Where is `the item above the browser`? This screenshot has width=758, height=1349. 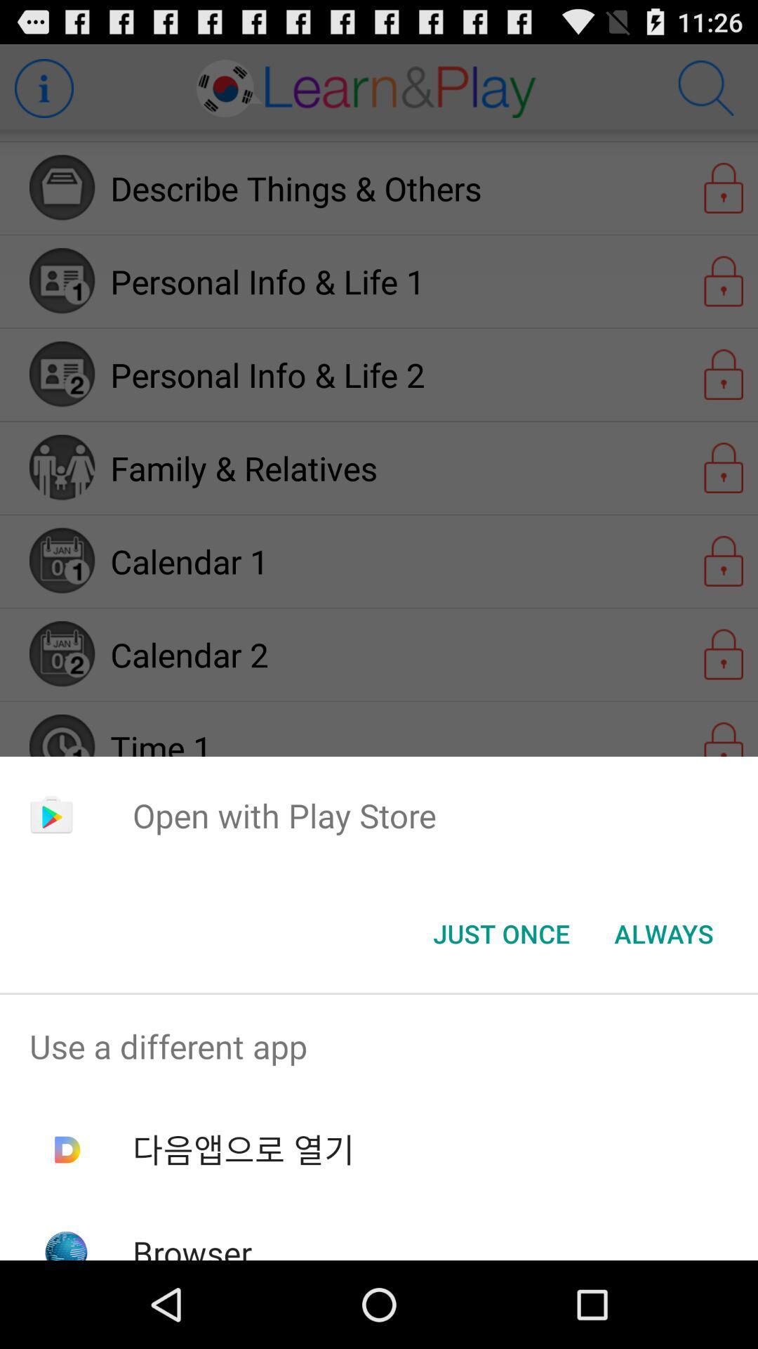 the item above the browser is located at coordinates (243, 1149).